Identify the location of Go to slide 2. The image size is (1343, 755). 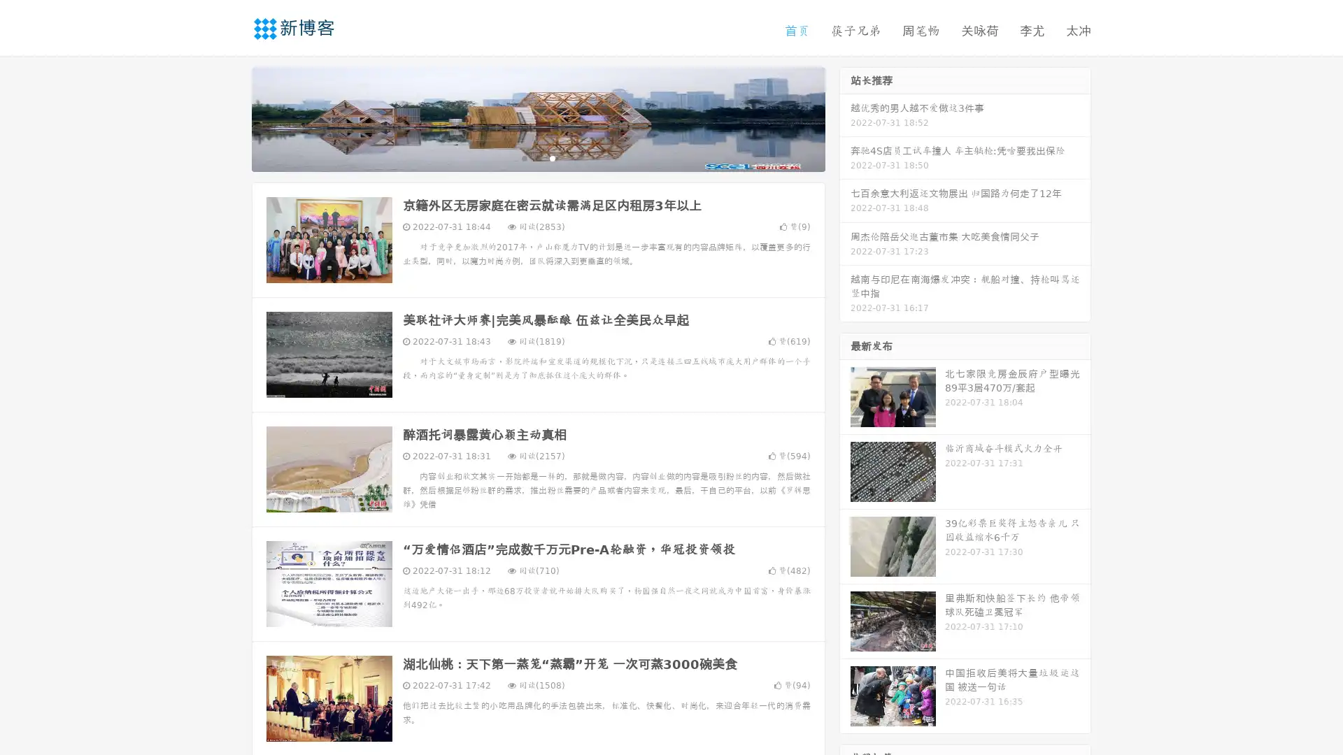
(537, 157).